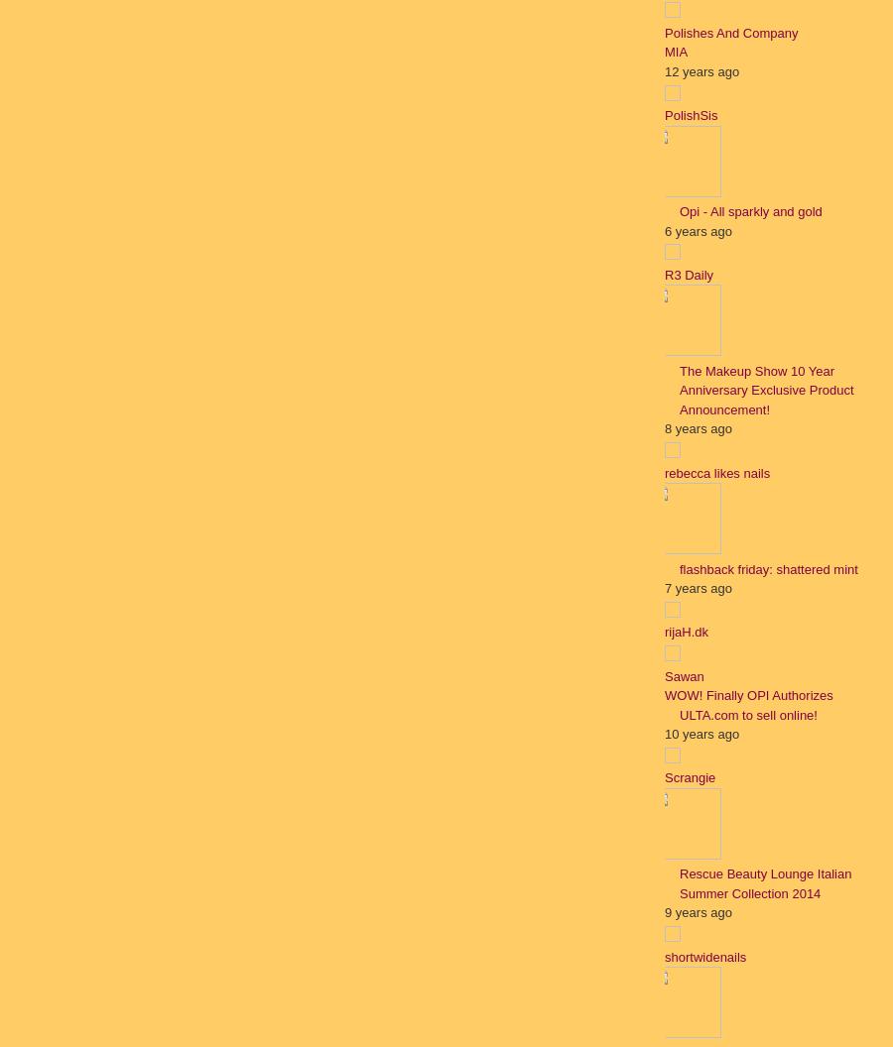 Image resolution: width=893 pixels, height=1047 pixels. What do you see at coordinates (678, 568) in the screenshot?
I see `'flashback friday: shattered mint'` at bounding box center [678, 568].